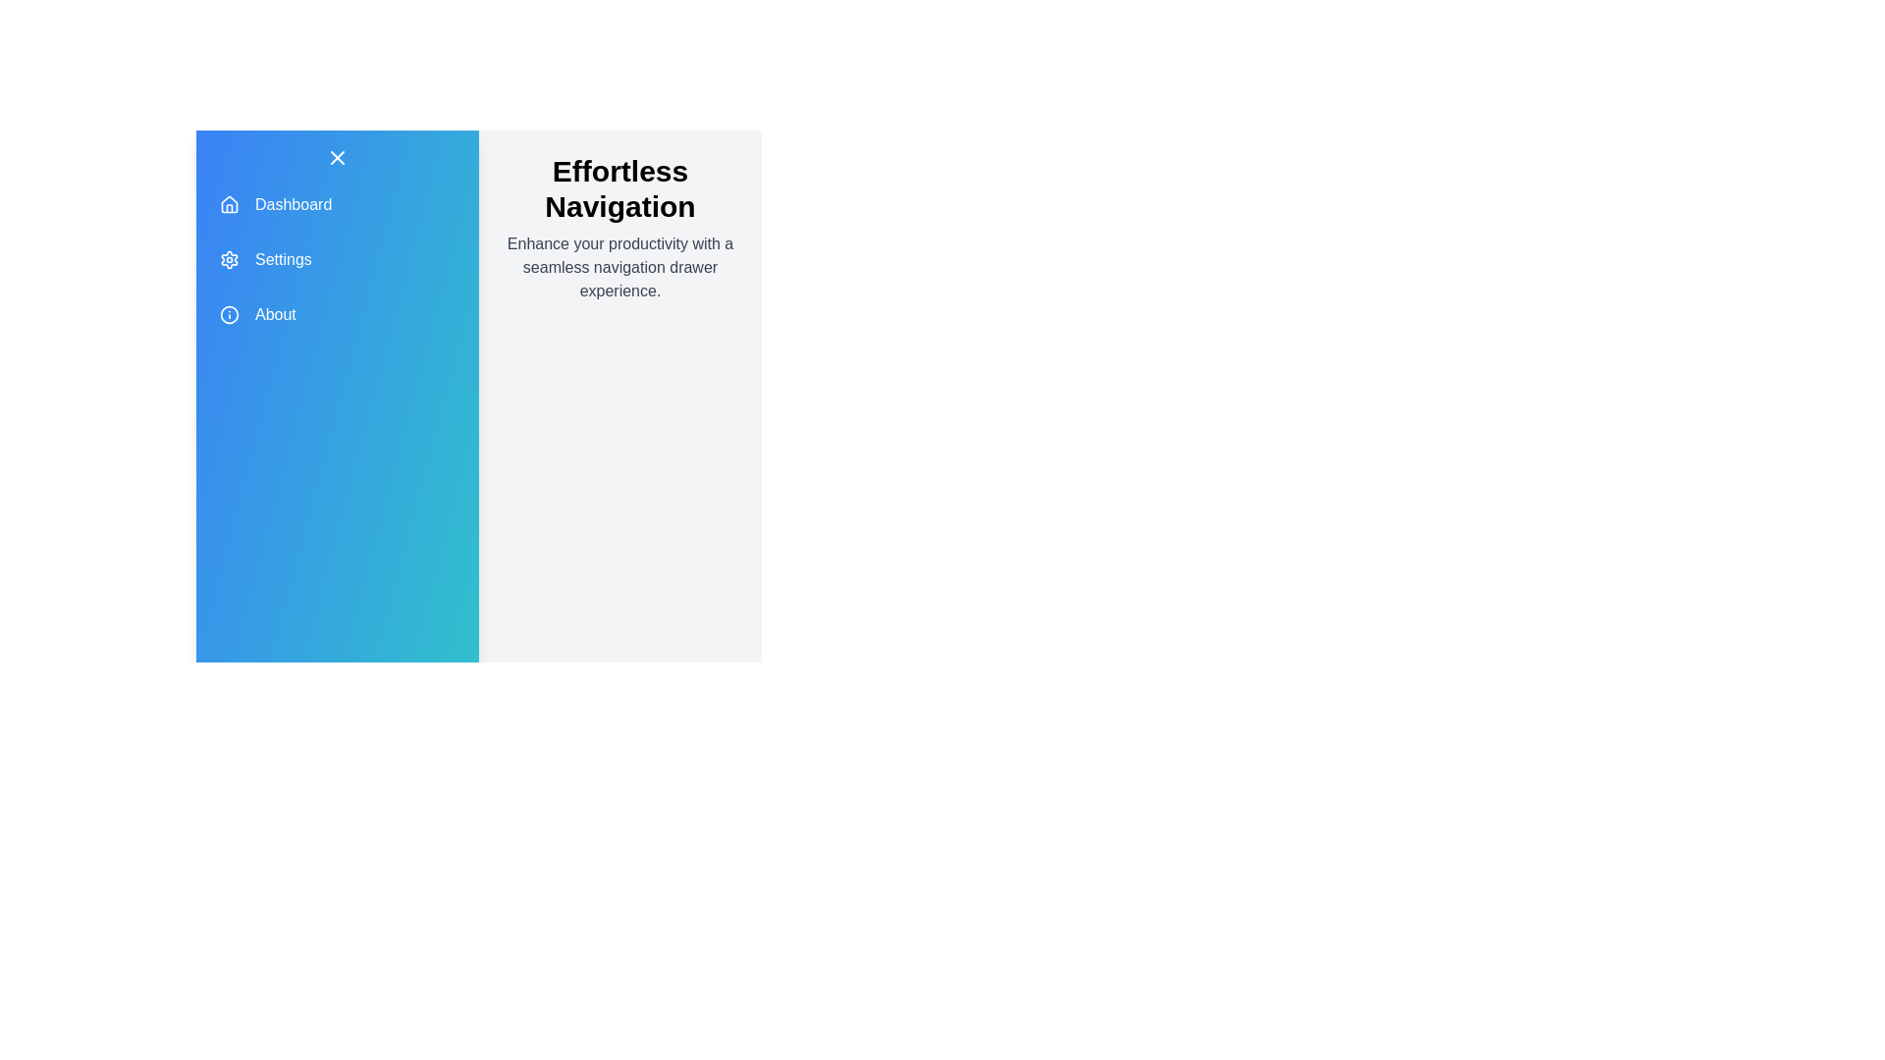 This screenshot has width=1885, height=1060. What do you see at coordinates (338, 204) in the screenshot?
I see `the 'Dashboard' menu item to select it` at bounding box center [338, 204].